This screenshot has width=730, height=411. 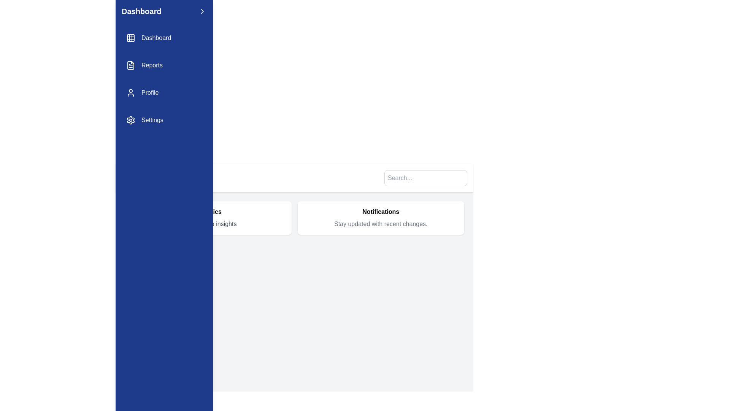 I want to click on the gear-shaped settings icon located in the left vertical navigation bar, which is the fourth icon in the list, so click(x=131, y=120).